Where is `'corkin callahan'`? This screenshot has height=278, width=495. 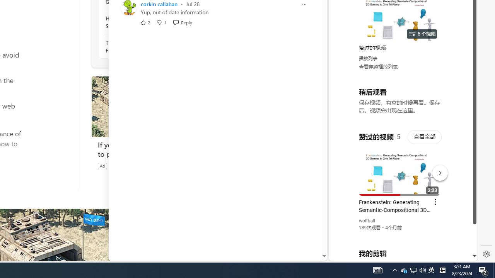 'corkin callahan' is located at coordinates (159, 4).